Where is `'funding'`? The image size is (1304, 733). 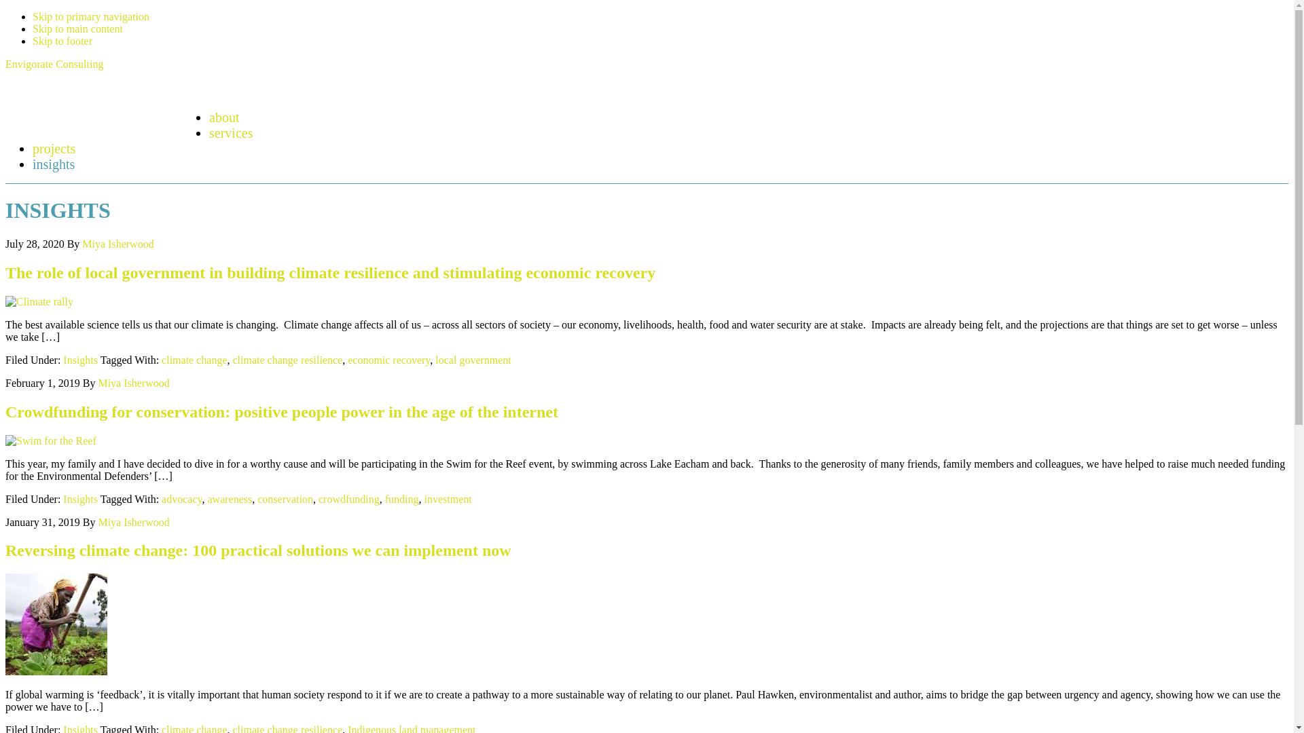 'funding' is located at coordinates (401, 498).